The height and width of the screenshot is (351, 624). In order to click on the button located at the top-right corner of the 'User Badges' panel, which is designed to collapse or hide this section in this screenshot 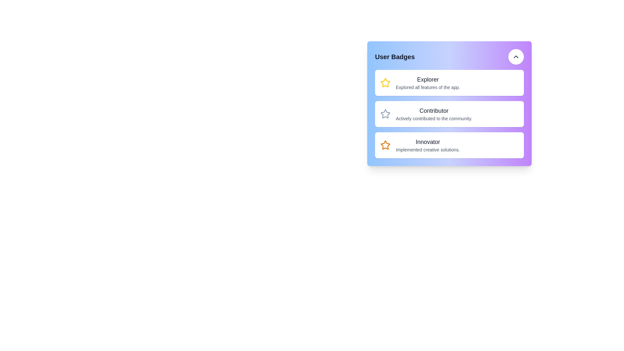, I will do `click(516, 56)`.